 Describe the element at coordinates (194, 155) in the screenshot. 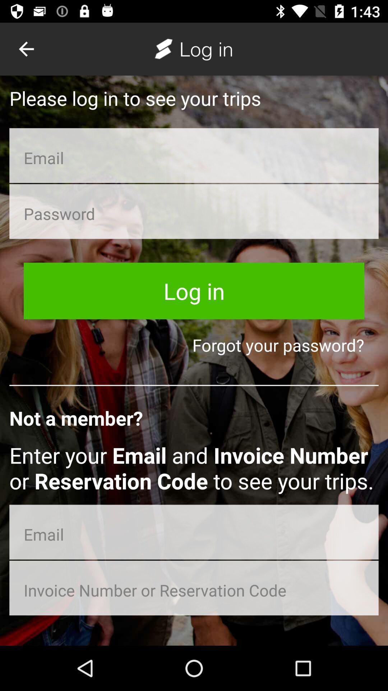

I see `text box to insert email` at that location.